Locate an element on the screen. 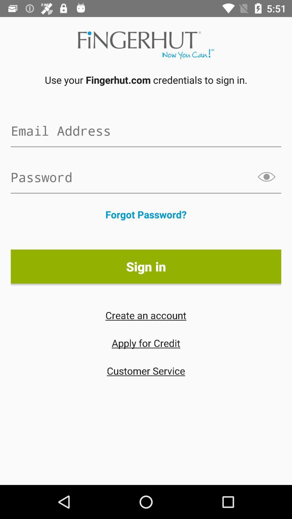 The image size is (292, 519). the item below the apply for credit is located at coordinates (146, 370).